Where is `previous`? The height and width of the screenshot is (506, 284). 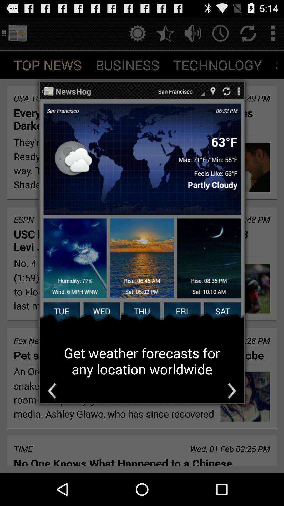 previous is located at coordinates (52, 391).